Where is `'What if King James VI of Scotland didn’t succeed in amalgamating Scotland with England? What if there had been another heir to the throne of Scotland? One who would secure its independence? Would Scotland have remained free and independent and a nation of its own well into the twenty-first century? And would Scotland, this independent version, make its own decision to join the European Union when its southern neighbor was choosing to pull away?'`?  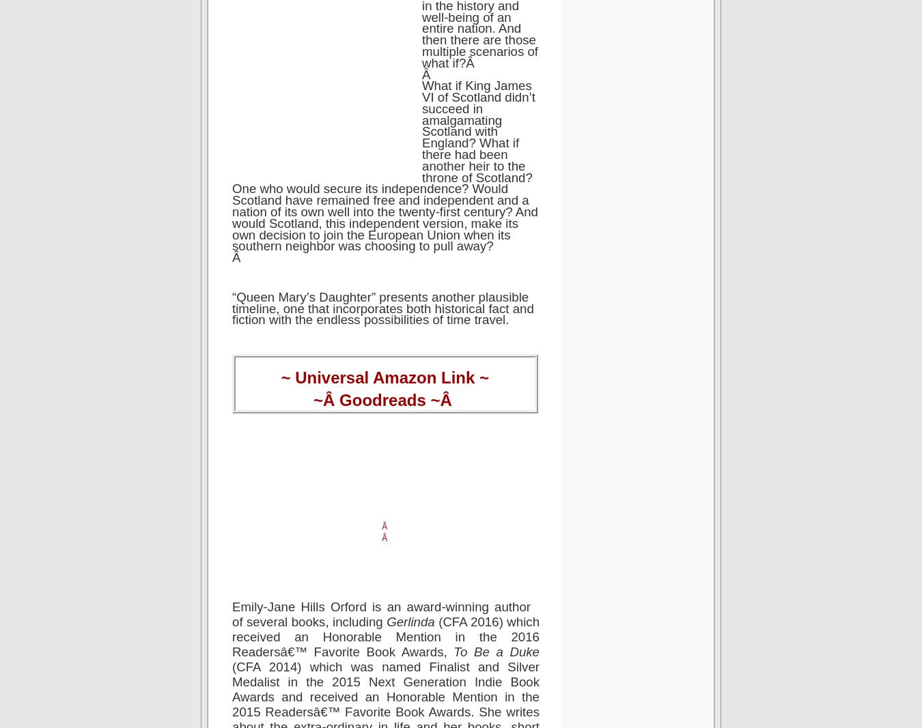 'What if King James VI of Scotland didn’t succeed in amalgamating Scotland with England? What if there had been another heir to the throne of Scotland? One who would secure its independence? Would Scotland have remained free and independent and a nation of its own well into the twenty-first century? And would Scotland, this independent version, make its own decision to join the European Union when its southern neighbor was choosing to pull away?' is located at coordinates (384, 165).